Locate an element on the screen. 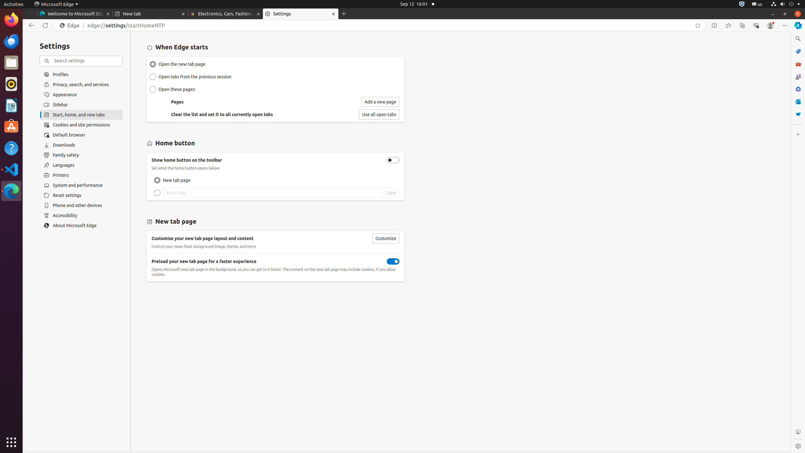  'Show Applications' is located at coordinates (11, 442).